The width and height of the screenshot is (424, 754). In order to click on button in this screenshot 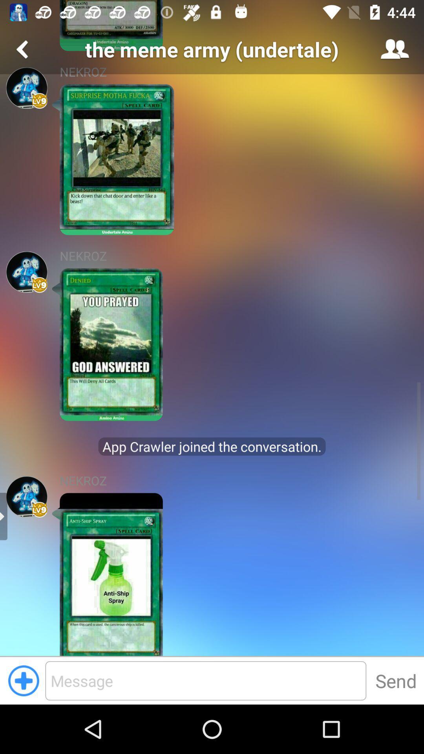, I will do `click(23, 680)`.